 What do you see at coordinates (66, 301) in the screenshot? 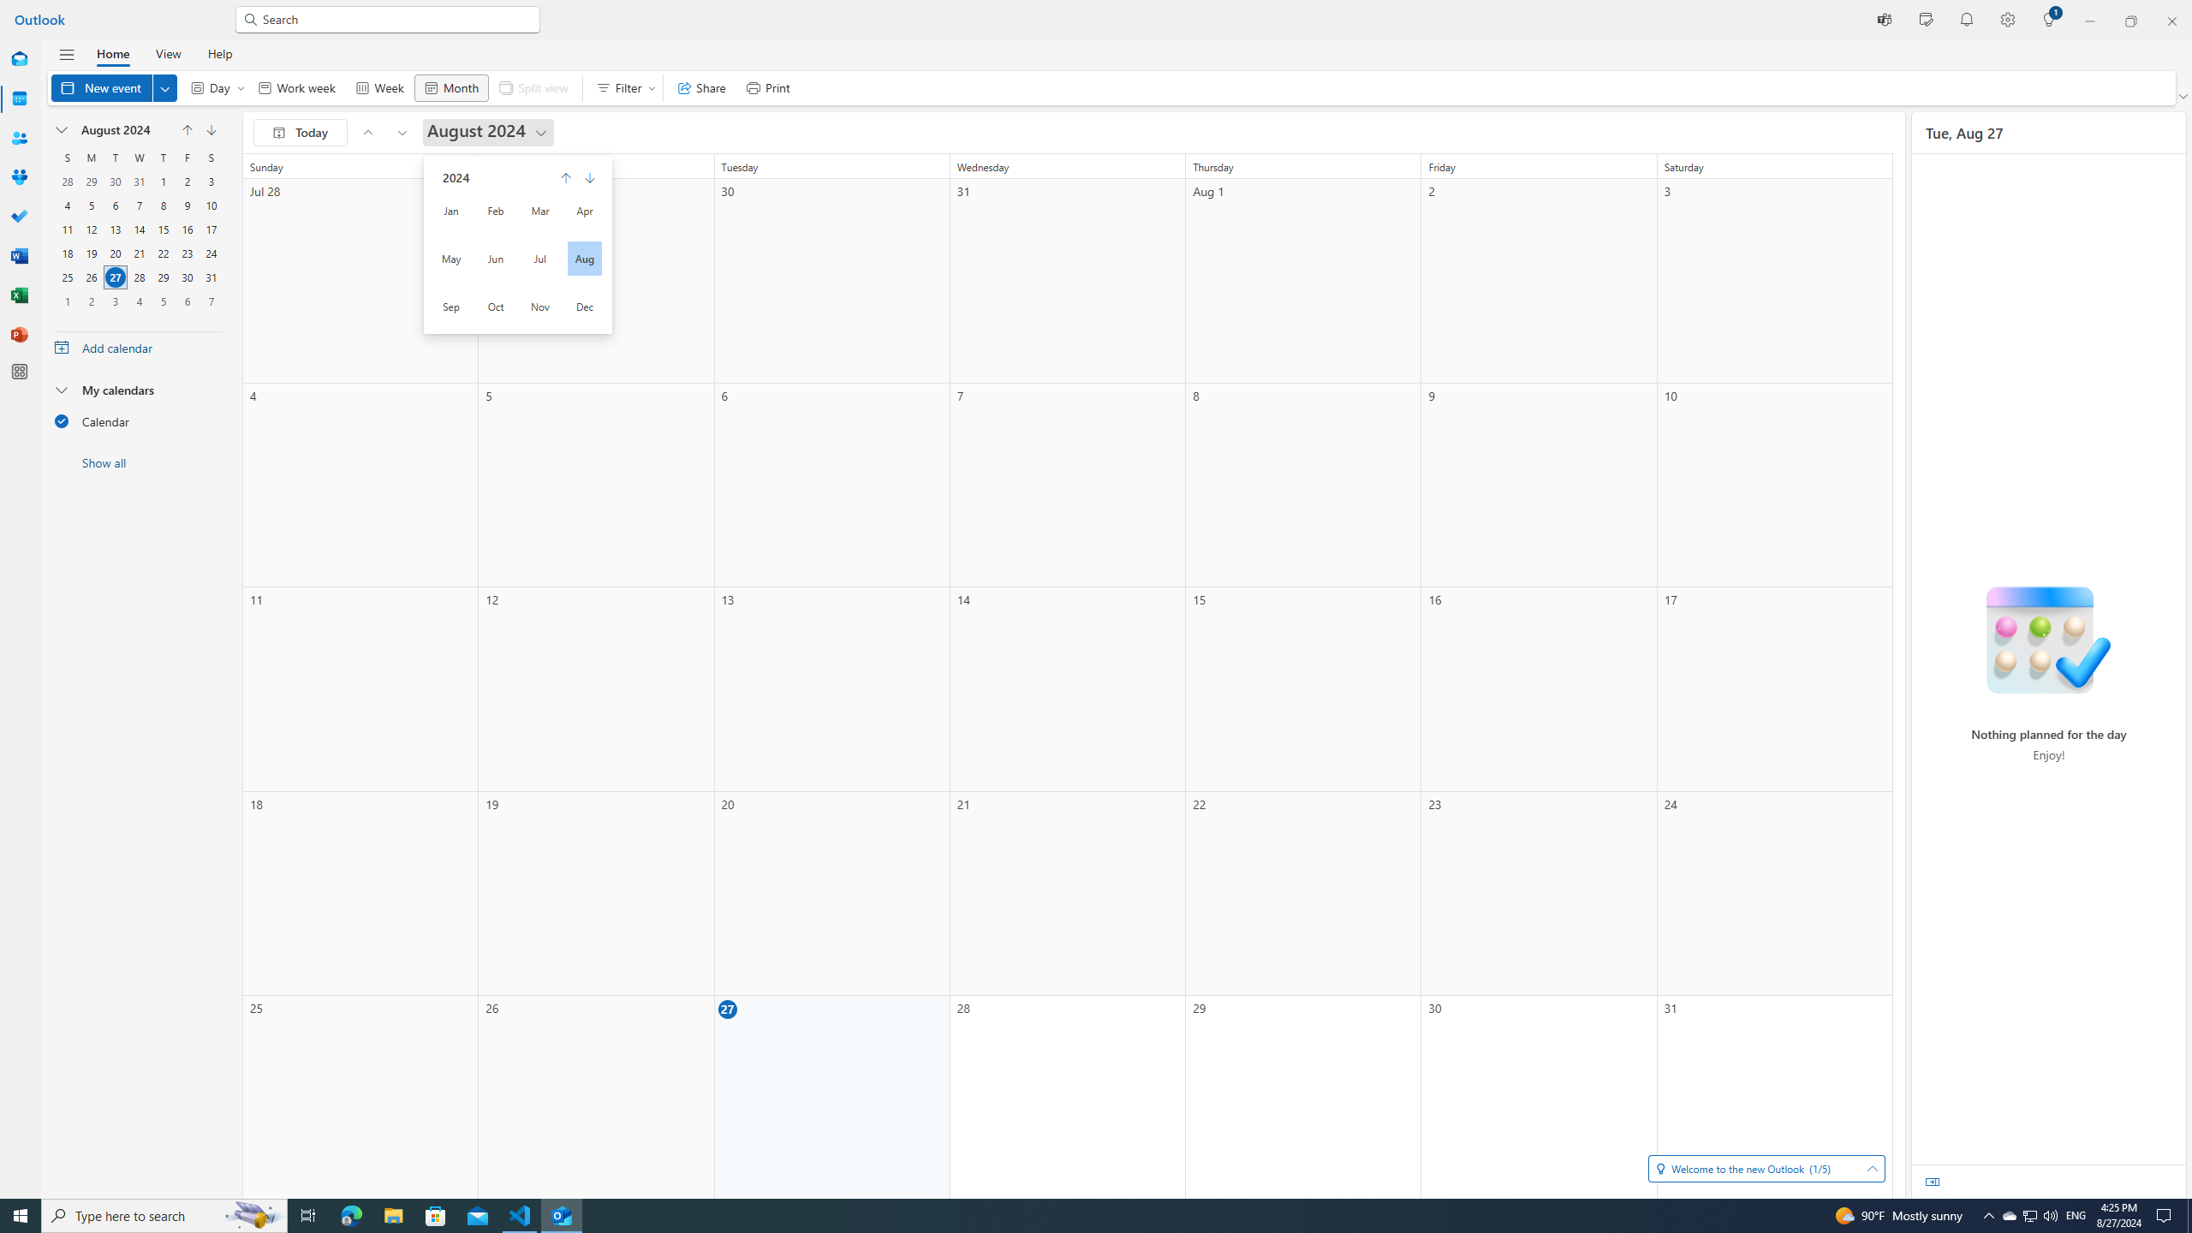
I see `'1, September, 2024'` at bounding box center [66, 301].